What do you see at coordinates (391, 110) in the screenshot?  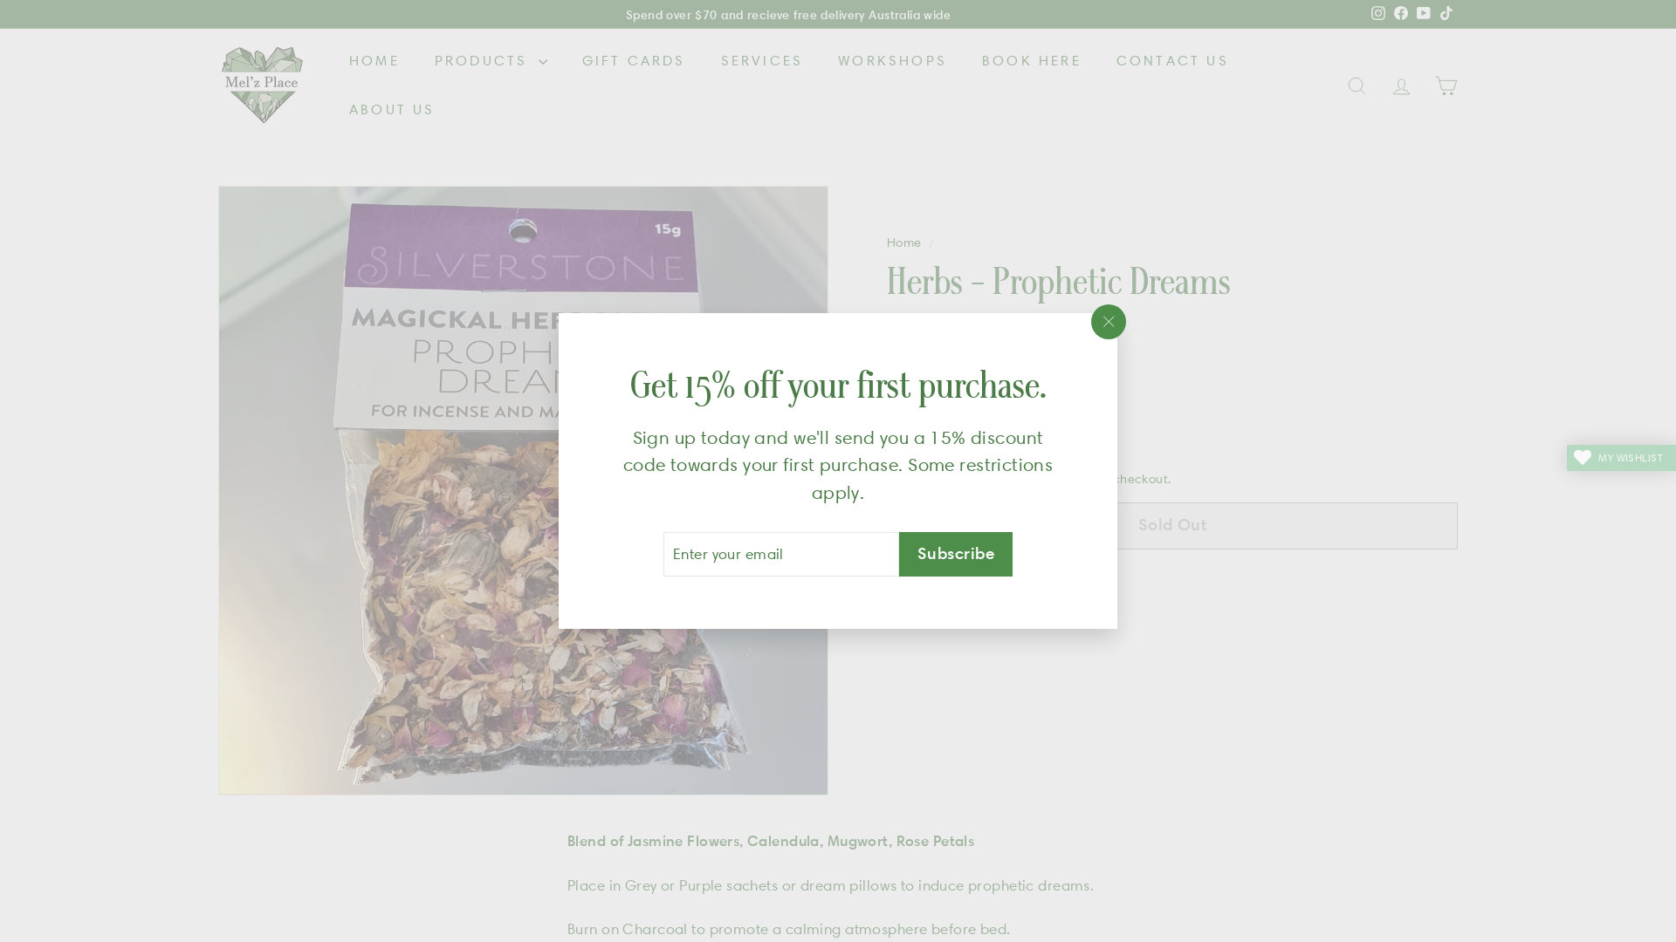 I see `'ABOUT US'` at bounding box center [391, 110].